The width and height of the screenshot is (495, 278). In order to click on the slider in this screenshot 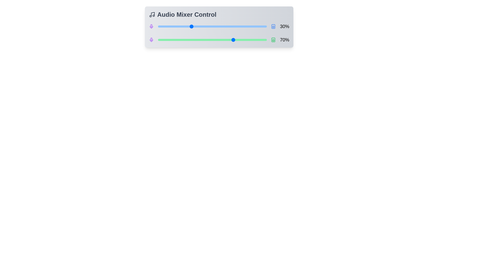, I will do `click(161, 39)`.